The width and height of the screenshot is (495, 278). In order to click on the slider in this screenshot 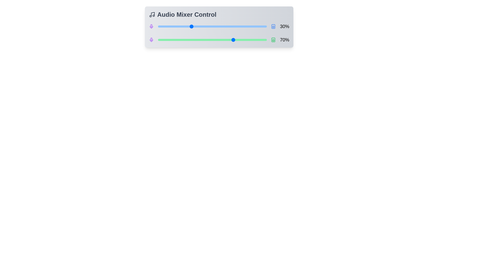, I will do `click(161, 39)`.